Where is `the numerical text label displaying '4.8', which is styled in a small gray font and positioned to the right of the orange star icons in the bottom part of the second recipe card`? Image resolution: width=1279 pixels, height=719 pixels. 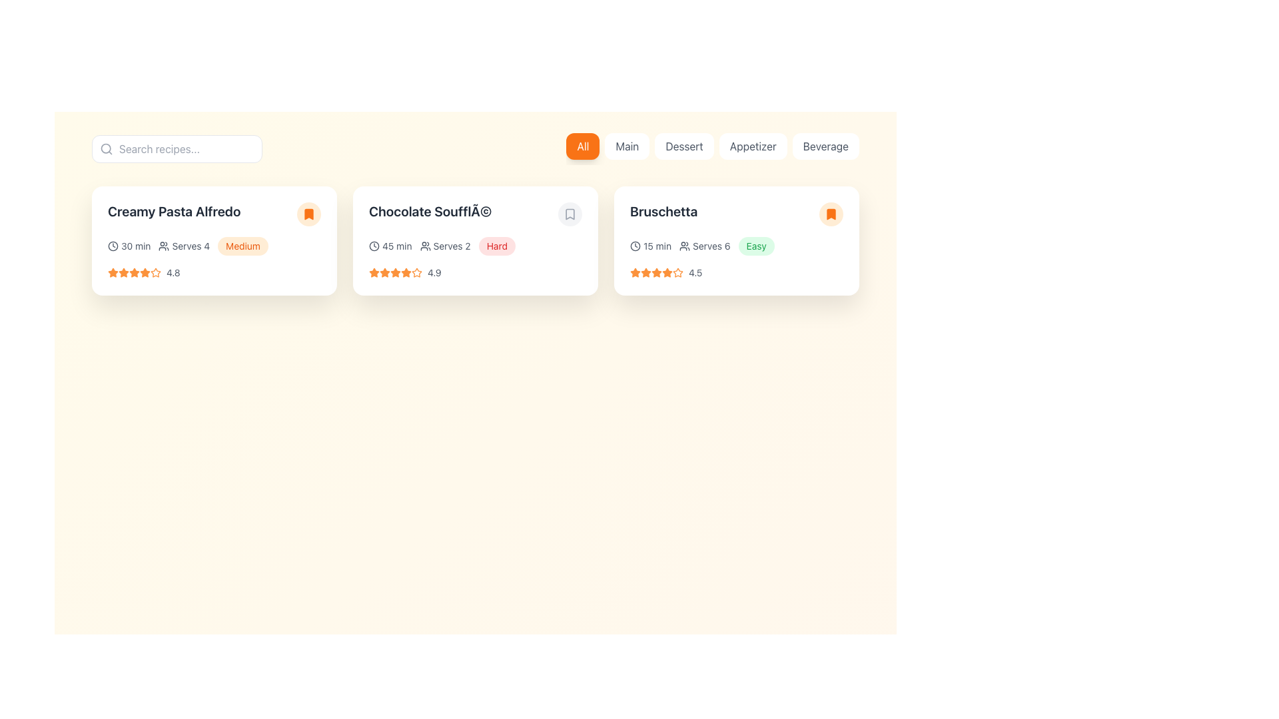
the numerical text label displaying '4.8', which is styled in a small gray font and positioned to the right of the orange star icons in the bottom part of the second recipe card is located at coordinates (173, 272).